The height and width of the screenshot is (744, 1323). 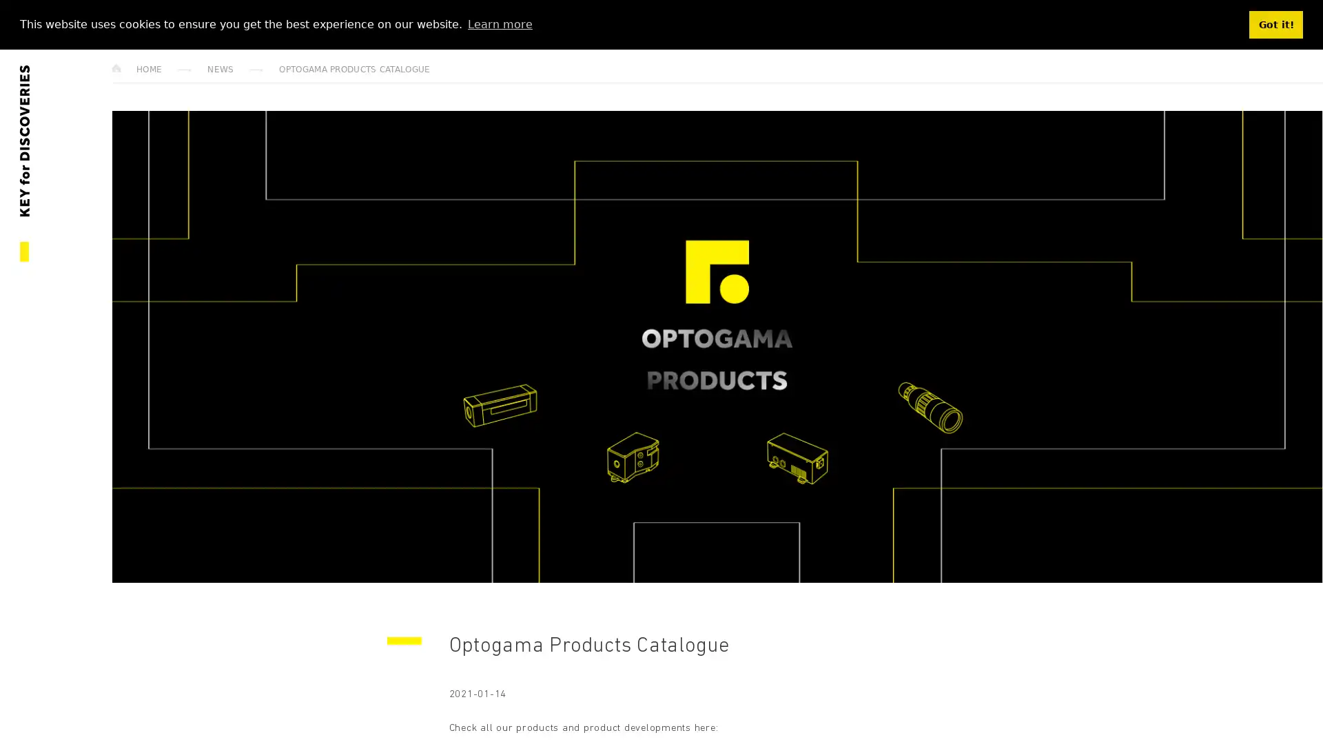 I want to click on learn more about cookies, so click(x=499, y=23).